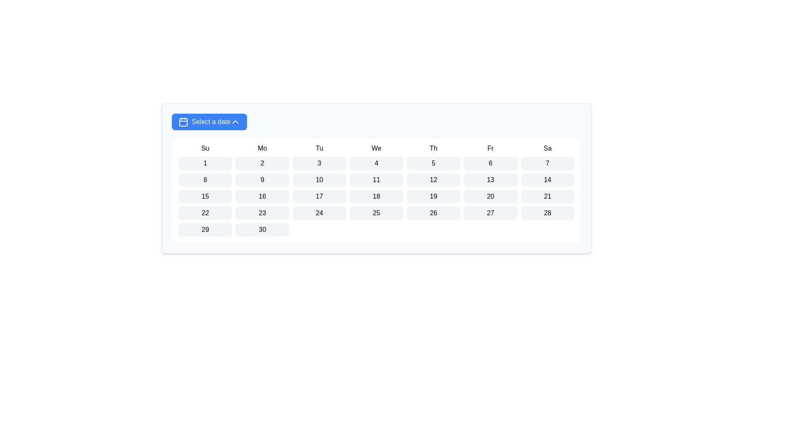 Image resolution: width=797 pixels, height=448 pixels. I want to click on the button labeled '5' located in the first row and fifth column of the calendar grid under 'Th' (Thursday), so click(433, 163).